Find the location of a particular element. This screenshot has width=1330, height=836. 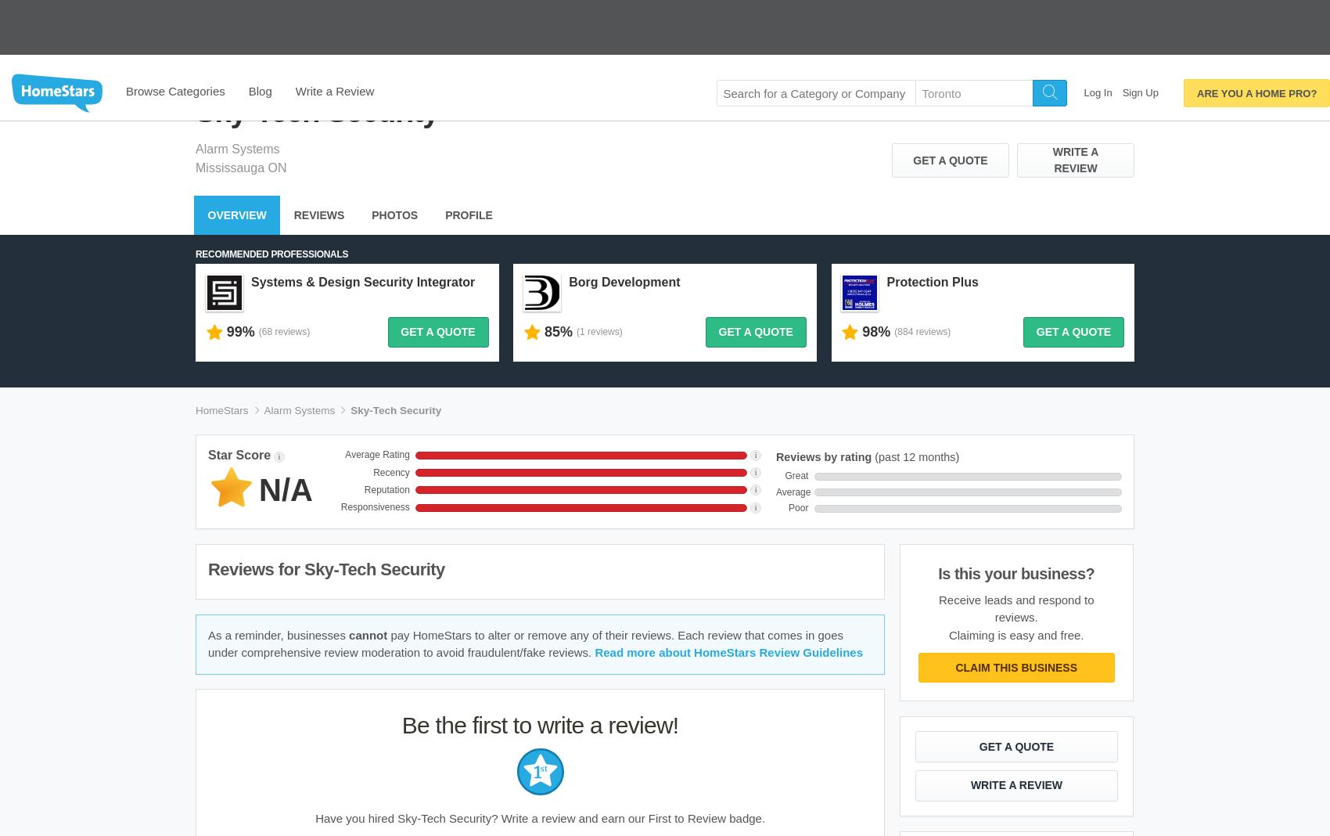

'profile' is located at coordinates (468, 148).